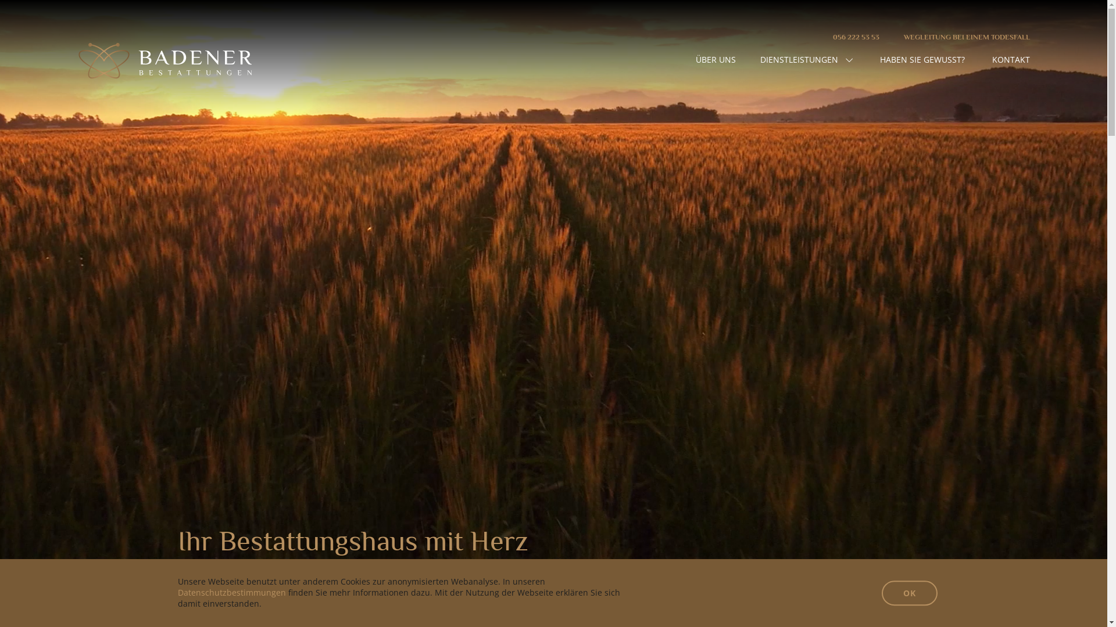 This screenshot has width=1116, height=627. Describe the element at coordinates (806, 60) in the screenshot. I see `'DIENSTLEISTUNGEN'` at that location.